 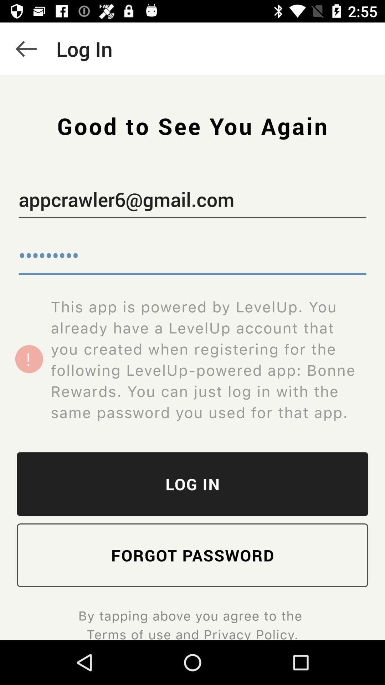 I want to click on item below appcrawler6@gmail.com item, so click(x=192, y=257).